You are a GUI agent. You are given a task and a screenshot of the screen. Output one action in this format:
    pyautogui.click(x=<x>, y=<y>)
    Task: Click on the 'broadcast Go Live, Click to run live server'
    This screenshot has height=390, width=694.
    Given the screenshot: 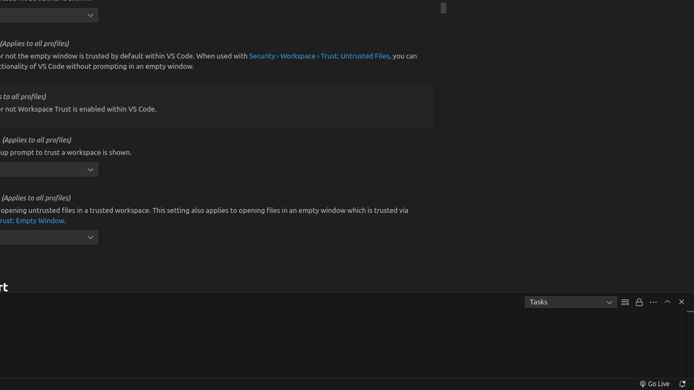 What is the action you would take?
    pyautogui.click(x=653, y=383)
    